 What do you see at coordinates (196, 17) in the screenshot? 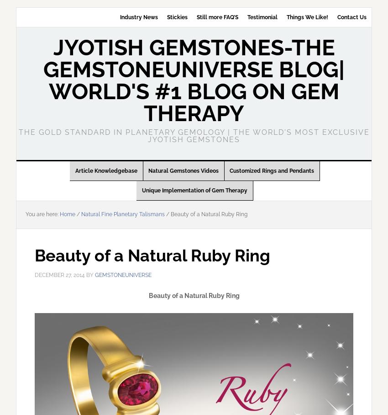
I see `'Still more FAQ’S'` at bounding box center [196, 17].